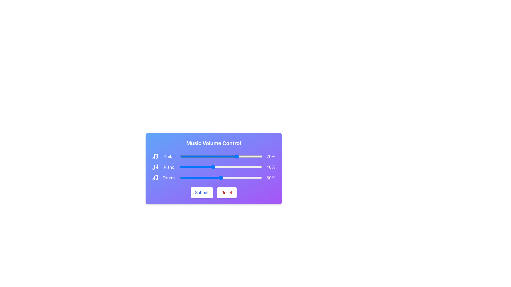 This screenshot has height=287, width=511. What do you see at coordinates (227, 193) in the screenshot?
I see `the 'Reset' button, which is a rectangular button labeled in red text with a white background, styled with rounded corners and a subtle shadow, to change its background color` at bounding box center [227, 193].